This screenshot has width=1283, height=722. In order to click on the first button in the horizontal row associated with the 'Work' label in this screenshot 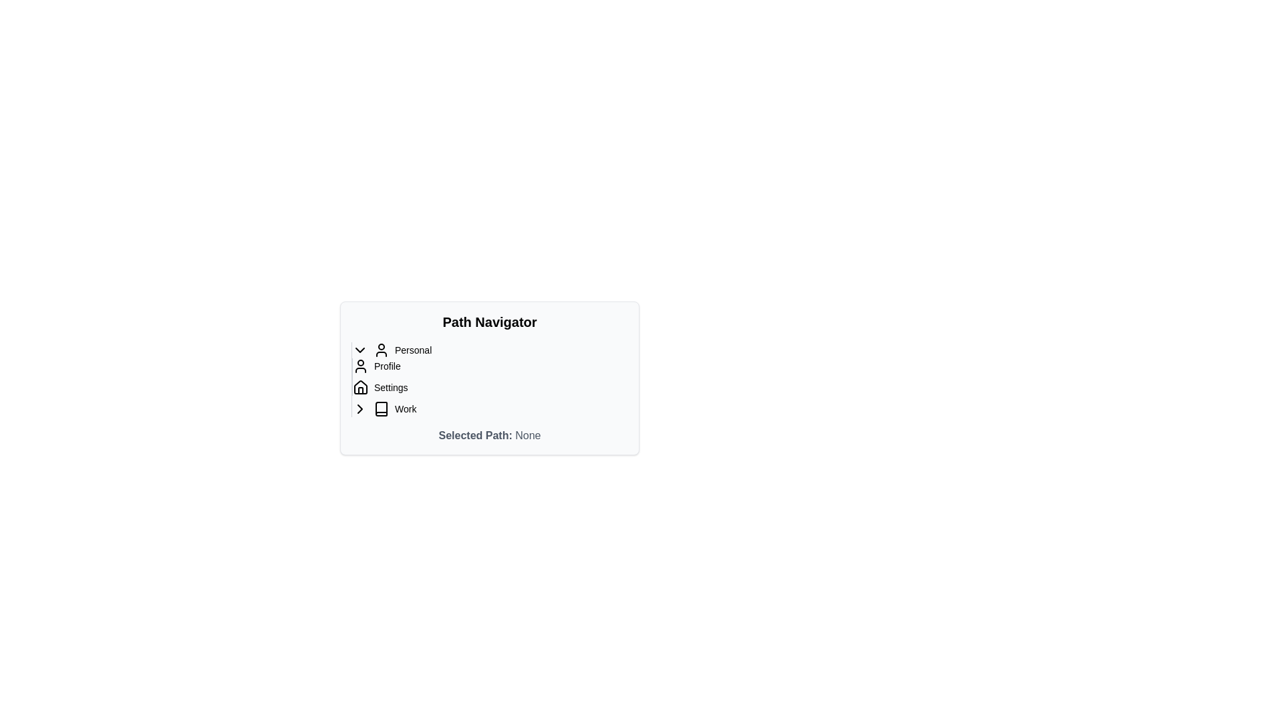, I will do `click(360, 408)`.